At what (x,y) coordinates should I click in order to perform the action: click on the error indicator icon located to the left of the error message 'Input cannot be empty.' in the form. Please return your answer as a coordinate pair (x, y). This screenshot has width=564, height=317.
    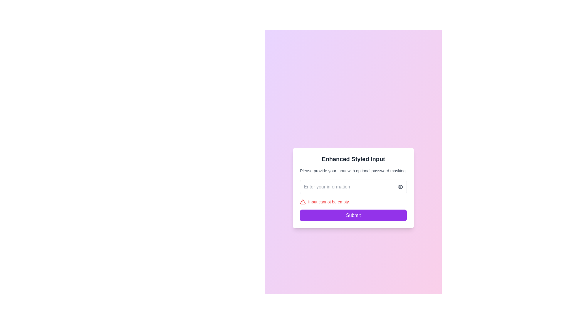
    Looking at the image, I should click on (303, 201).